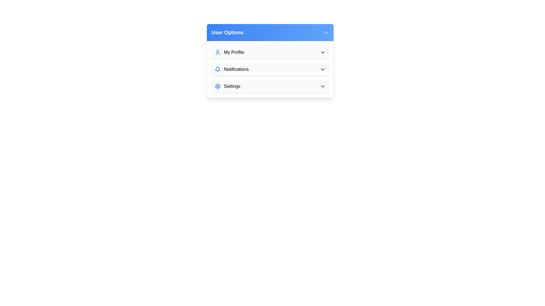 The width and height of the screenshot is (545, 306). Describe the element at coordinates (270, 69) in the screenshot. I see `the 'Notifications' button located in the 'User Options' menu, which is the second item in a vertical list between 'My Profile' and 'Settings'` at that location.